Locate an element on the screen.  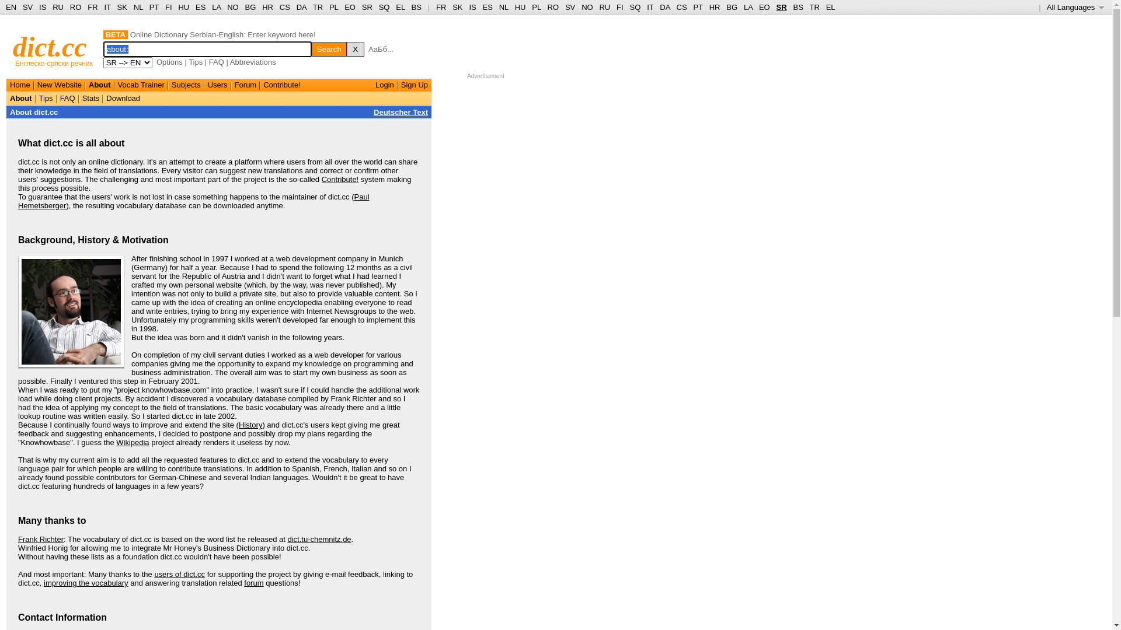
'Download' is located at coordinates (106, 97).